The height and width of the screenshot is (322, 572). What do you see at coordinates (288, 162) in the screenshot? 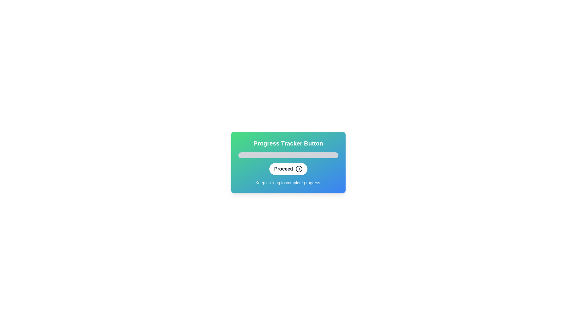
I see `the state of the progress bar within the 'Progress Tracker Button' composite component, which features a gradient background and a labeled button` at bounding box center [288, 162].